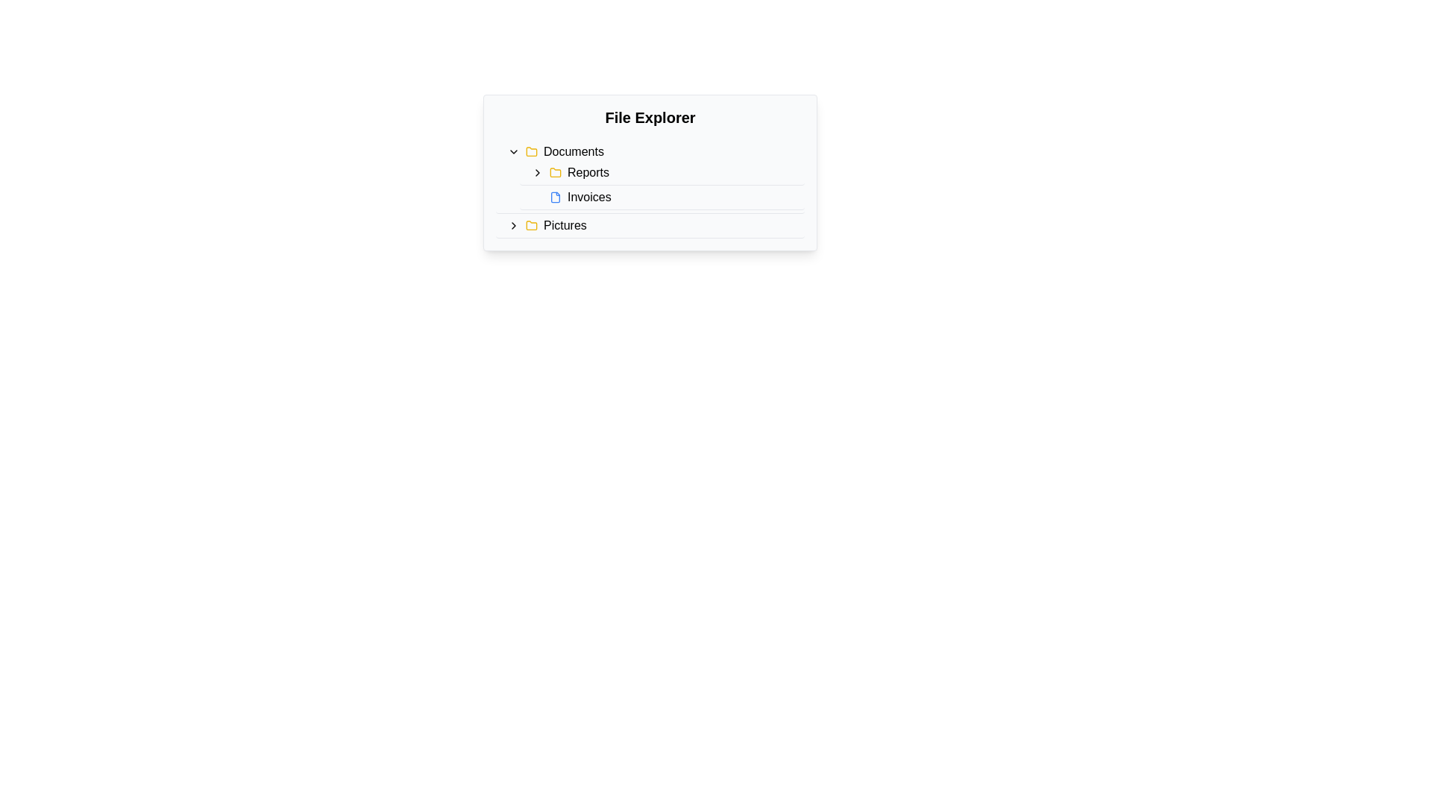 The height and width of the screenshot is (805, 1432). I want to click on the 'Invoices' directory icon, which is located under the 'Reports' section of the file explorer, to view context menu options, so click(554, 197).